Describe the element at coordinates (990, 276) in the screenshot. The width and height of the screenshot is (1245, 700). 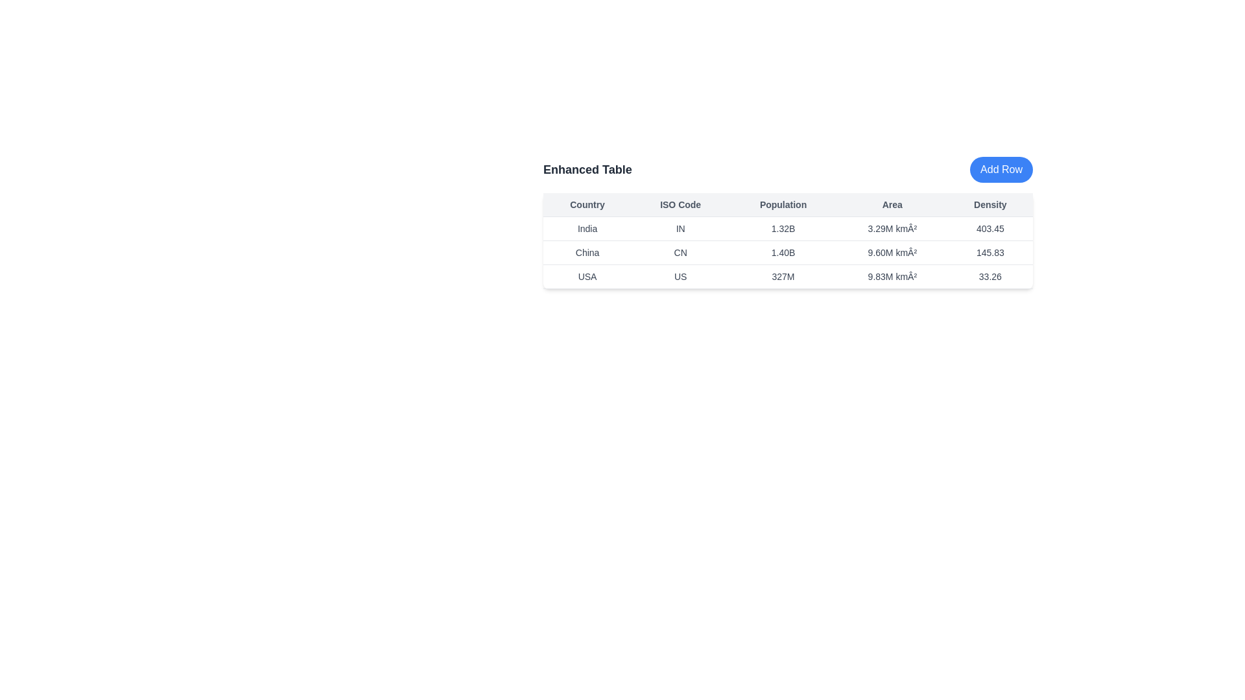
I see `the text element displaying '33.26' in the 'Density' column of the third row in the table` at that location.